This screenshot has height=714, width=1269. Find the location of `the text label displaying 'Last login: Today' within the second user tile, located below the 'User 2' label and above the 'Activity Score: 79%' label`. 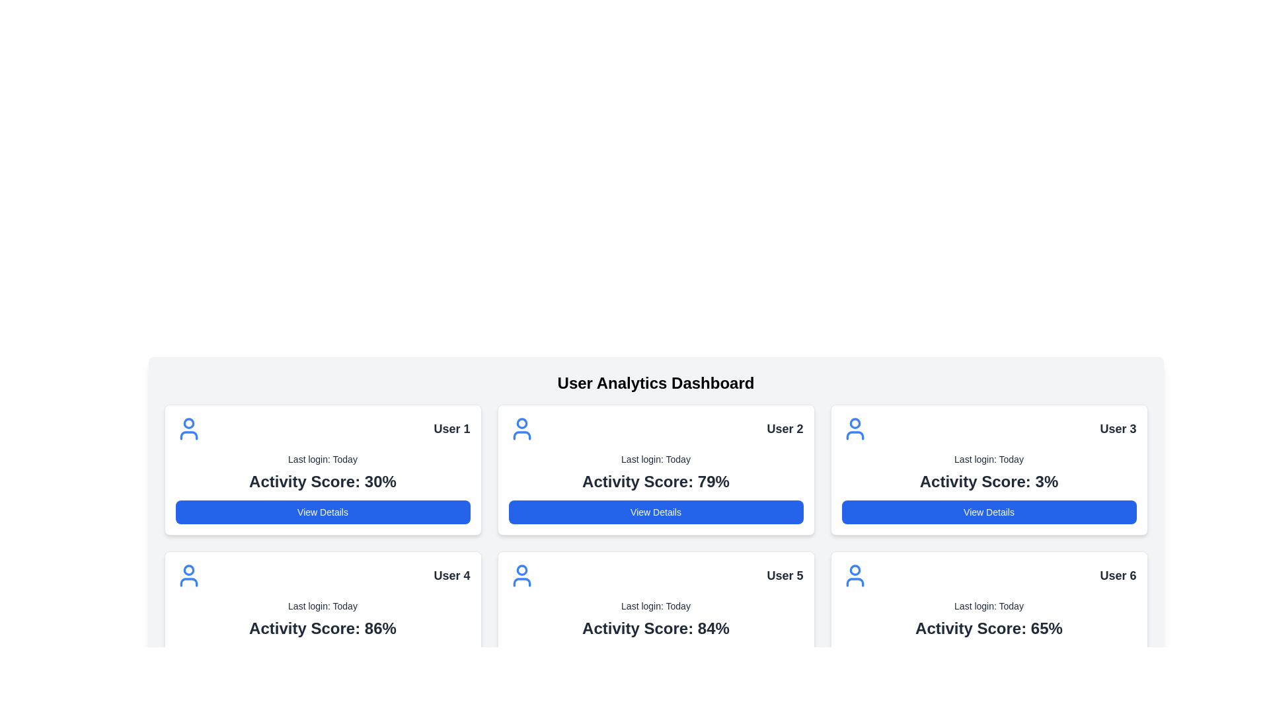

the text label displaying 'Last login: Today' within the second user tile, located below the 'User 2' label and above the 'Activity Score: 79%' label is located at coordinates (656, 458).